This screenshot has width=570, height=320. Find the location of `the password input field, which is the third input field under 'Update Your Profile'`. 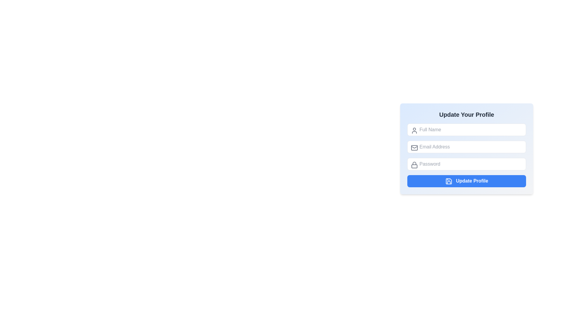

the password input field, which is the third input field under 'Update Your Profile' is located at coordinates (466, 164).